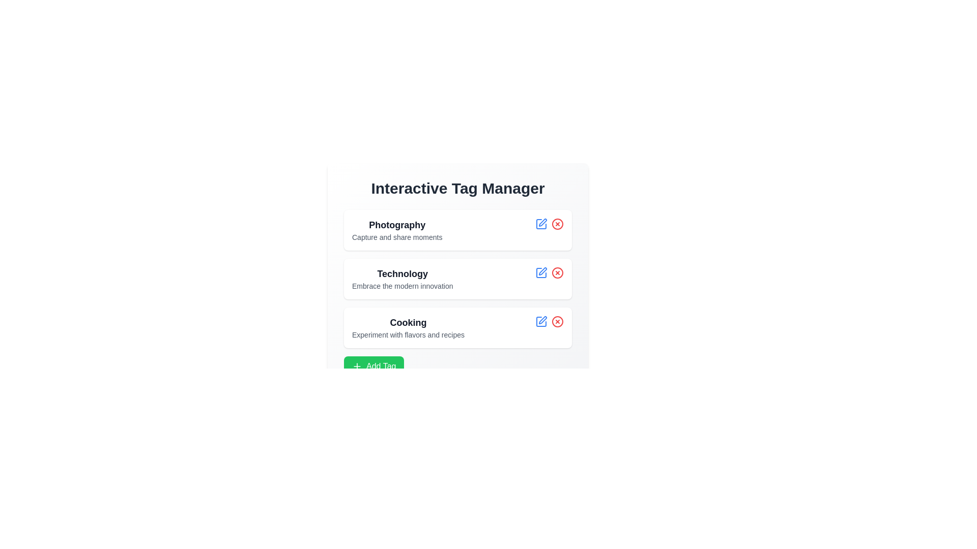 This screenshot has height=549, width=977. I want to click on the text label displaying 'Experiment with flavors and recipes', which is styled in light gray and located beneath the 'Cooking' title, so click(408, 335).